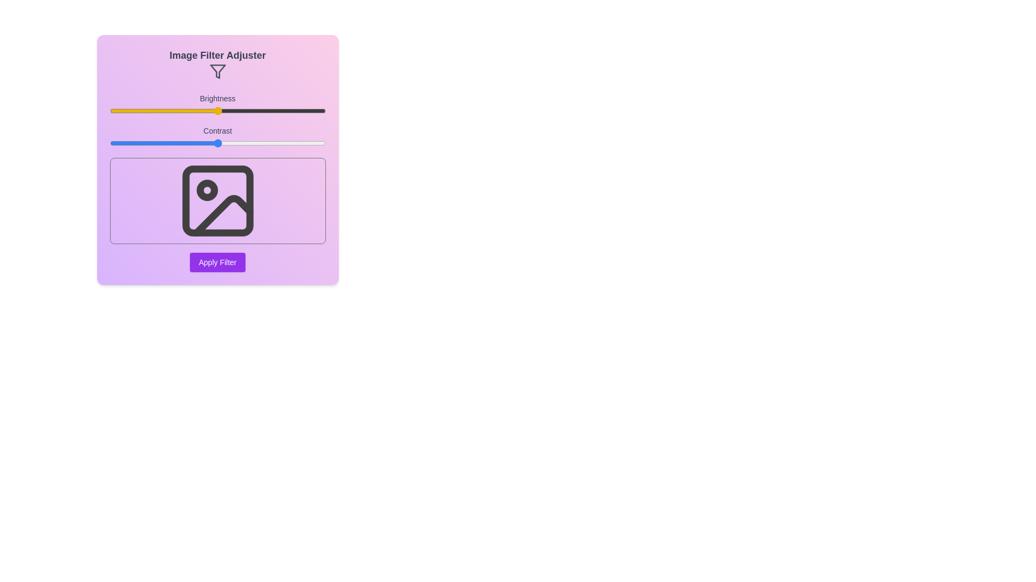 The width and height of the screenshot is (1036, 582). What do you see at coordinates (269, 110) in the screenshot?
I see `the brightness slider to 74% and observe the preview image` at bounding box center [269, 110].